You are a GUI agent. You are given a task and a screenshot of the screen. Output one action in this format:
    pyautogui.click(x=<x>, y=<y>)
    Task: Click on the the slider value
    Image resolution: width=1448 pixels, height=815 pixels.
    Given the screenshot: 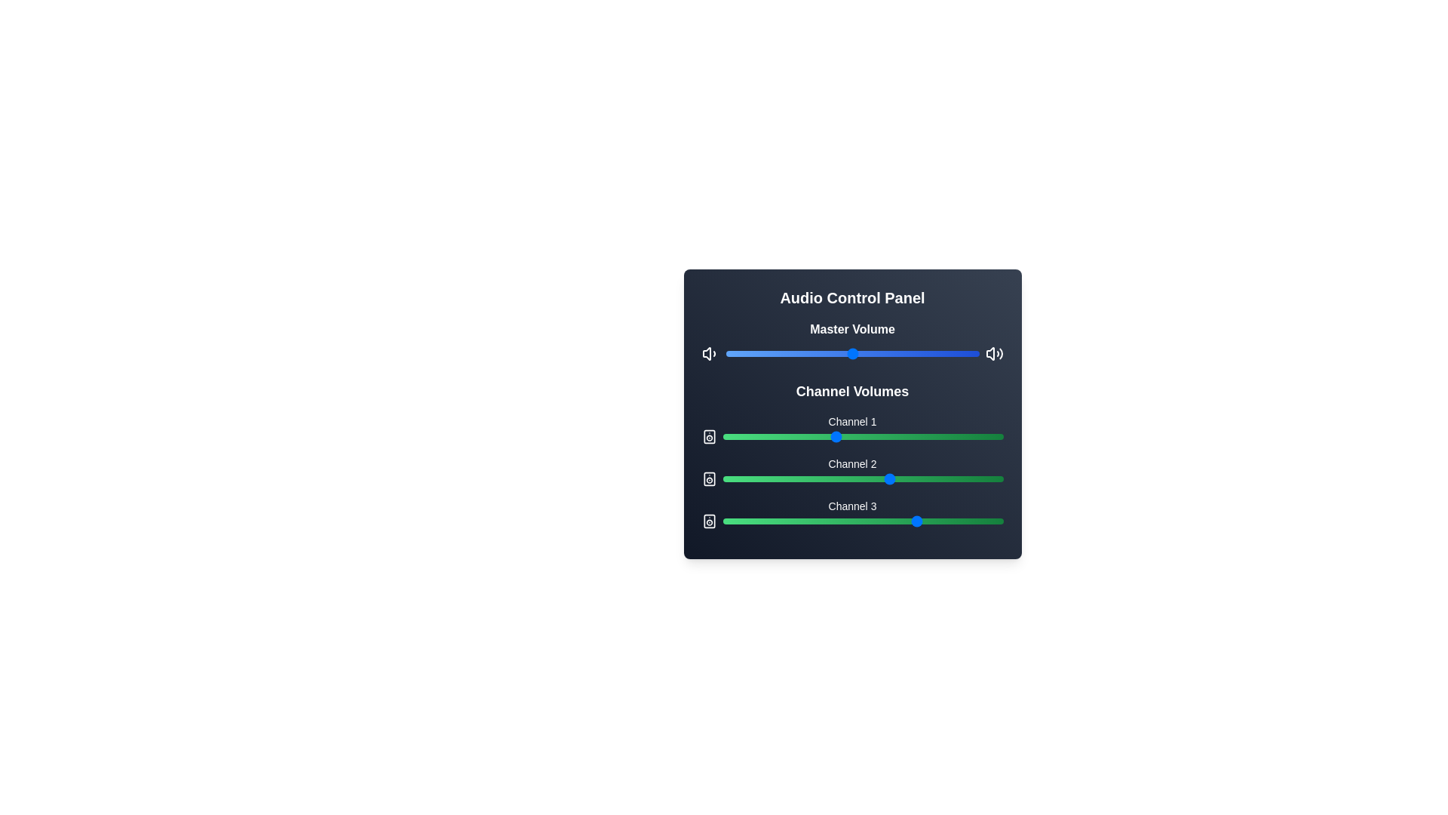 What is the action you would take?
    pyautogui.click(x=846, y=479)
    